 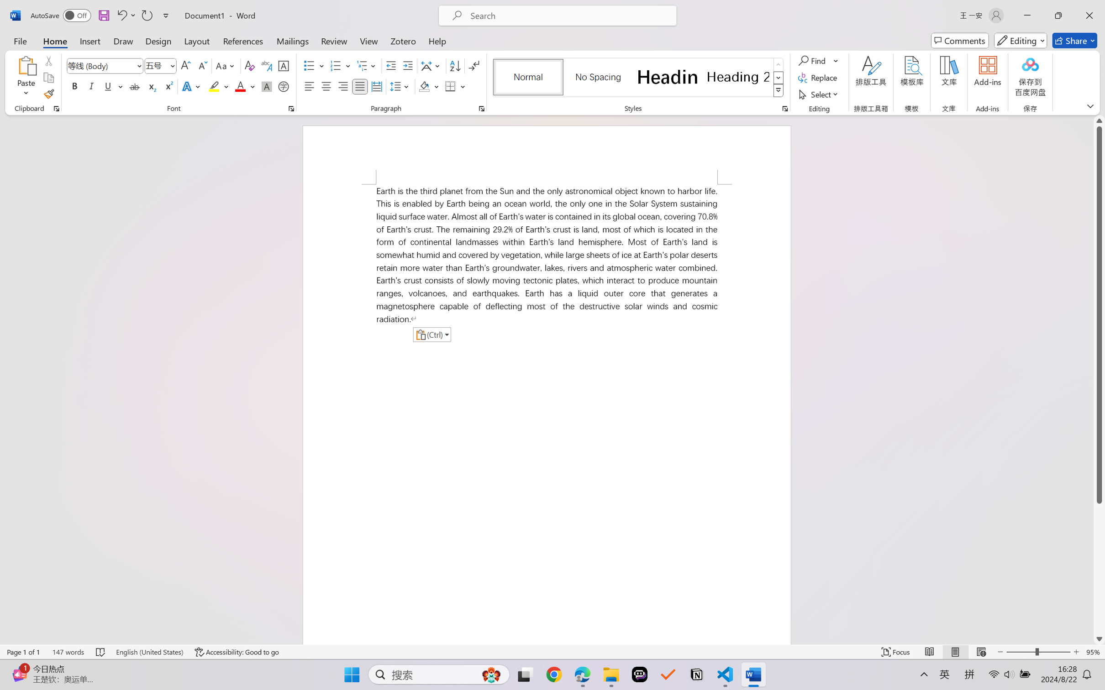 I want to click on 'Line down', so click(x=1099, y=638).